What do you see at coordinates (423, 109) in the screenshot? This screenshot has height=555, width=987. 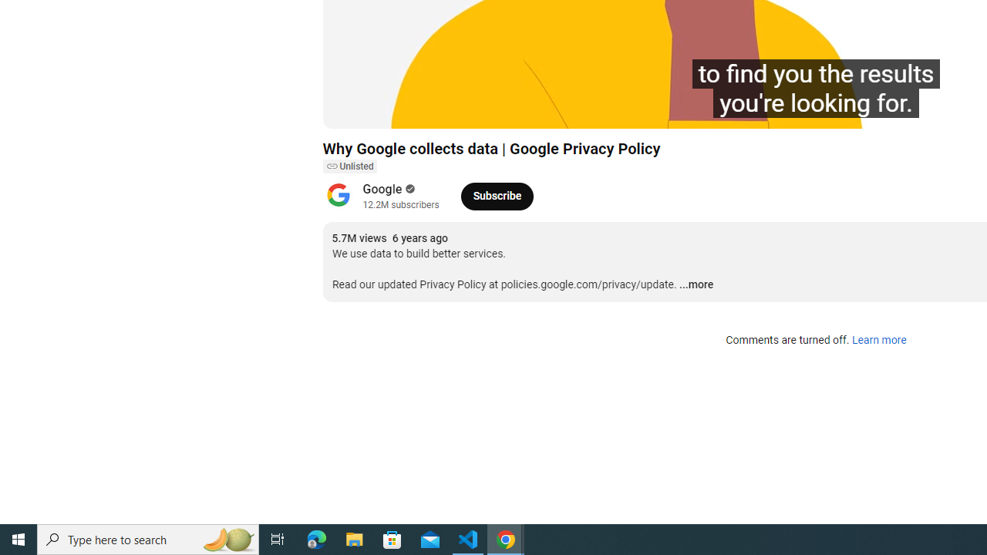 I see `'Mute (m)'` at bounding box center [423, 109].